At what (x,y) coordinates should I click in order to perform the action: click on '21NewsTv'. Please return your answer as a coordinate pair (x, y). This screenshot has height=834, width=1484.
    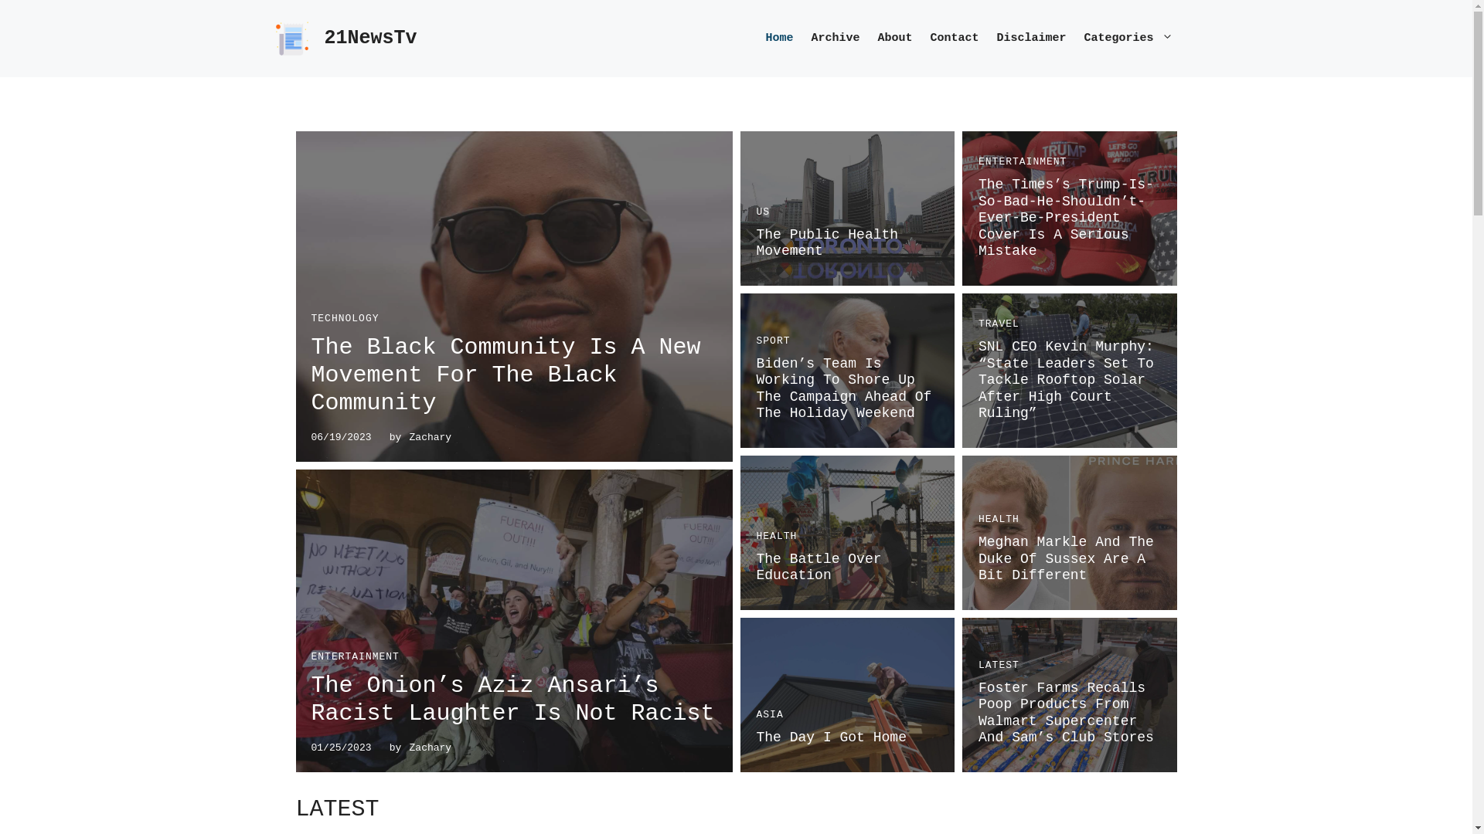
    Looking at the image, I should click on (324, 37).